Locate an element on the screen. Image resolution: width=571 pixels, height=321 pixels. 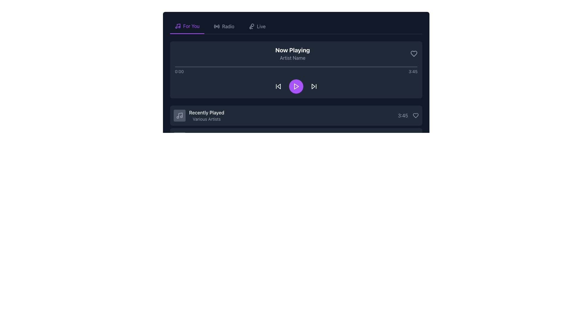
the favorite icon button located at the top-right corner of the 'Now Playing' section to mark the currently playing item as a favorite is located at coordinates (414, 54).